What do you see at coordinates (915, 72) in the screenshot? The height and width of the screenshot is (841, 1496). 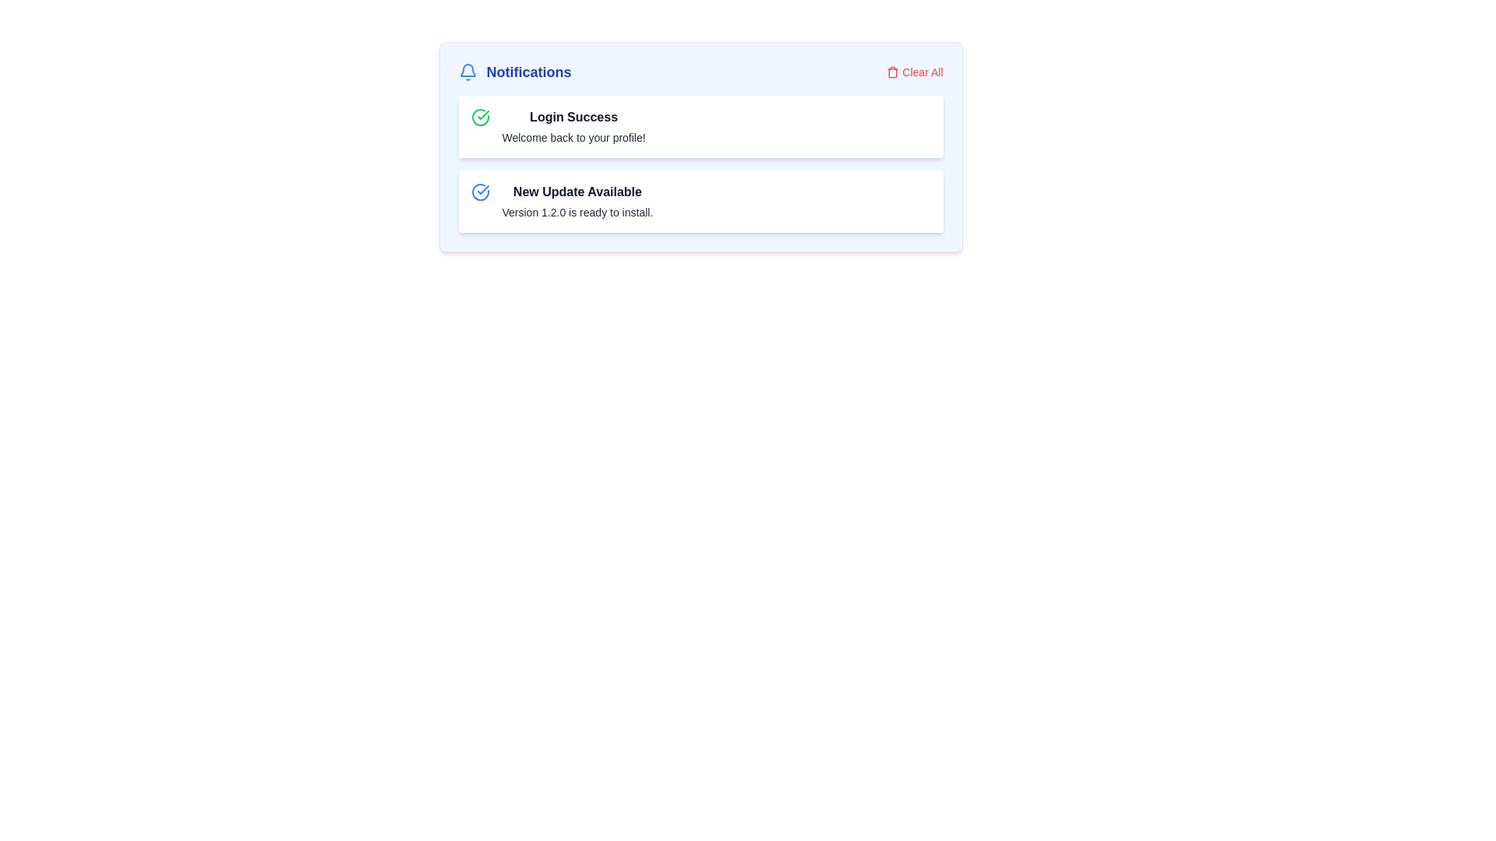 I see `the 'Clear All' button with a red trash icon located in the top-right corner of the notifications panel to clear notifications` at bounding box center [915, 72].